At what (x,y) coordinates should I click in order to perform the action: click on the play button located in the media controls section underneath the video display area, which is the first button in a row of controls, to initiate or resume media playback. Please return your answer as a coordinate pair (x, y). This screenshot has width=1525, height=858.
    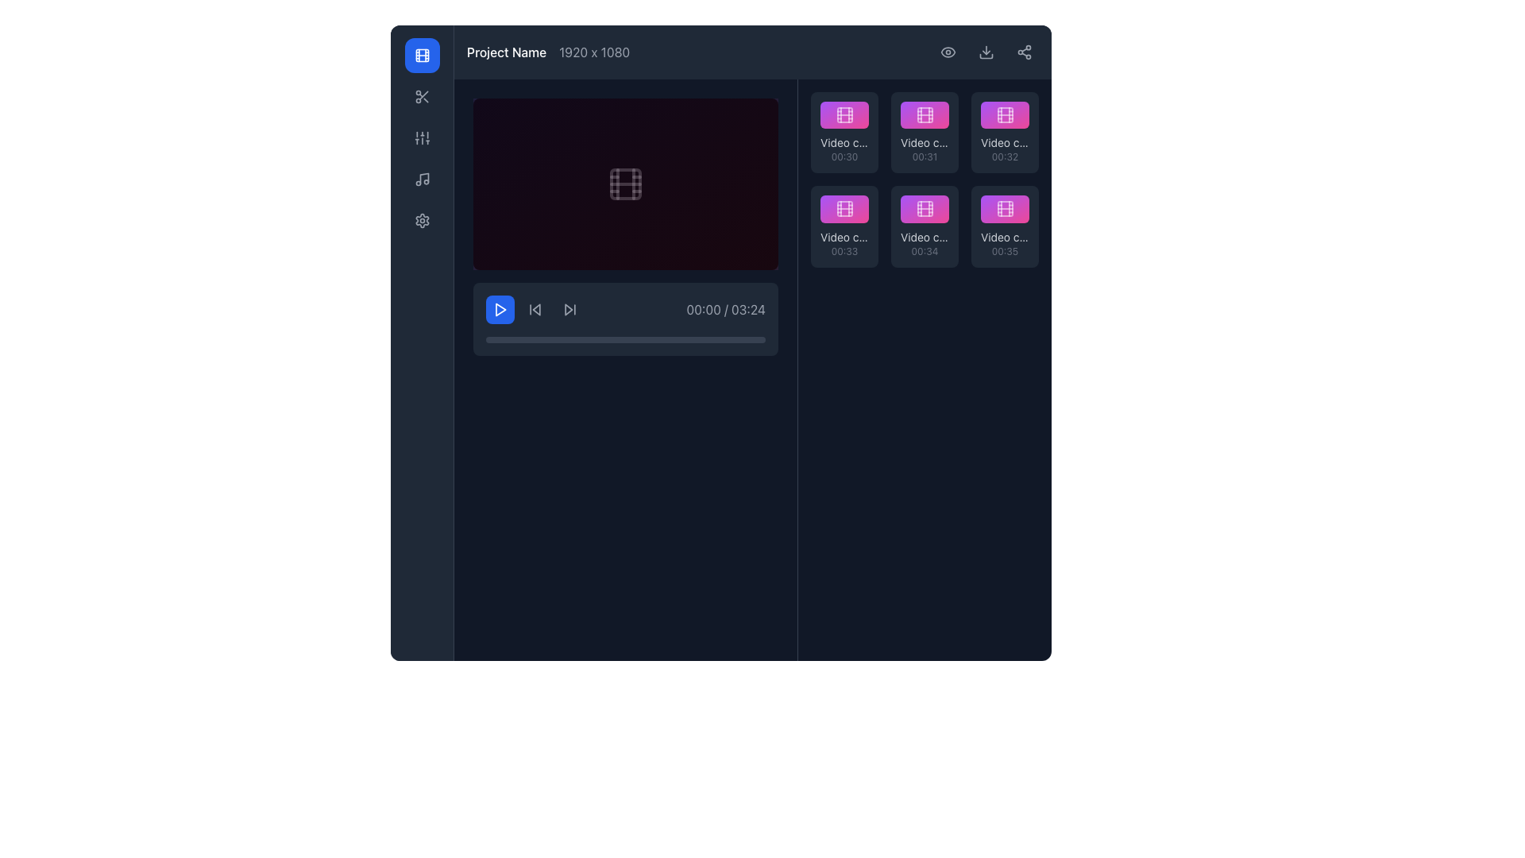
    Looking at the image, I should click on (499, 309).